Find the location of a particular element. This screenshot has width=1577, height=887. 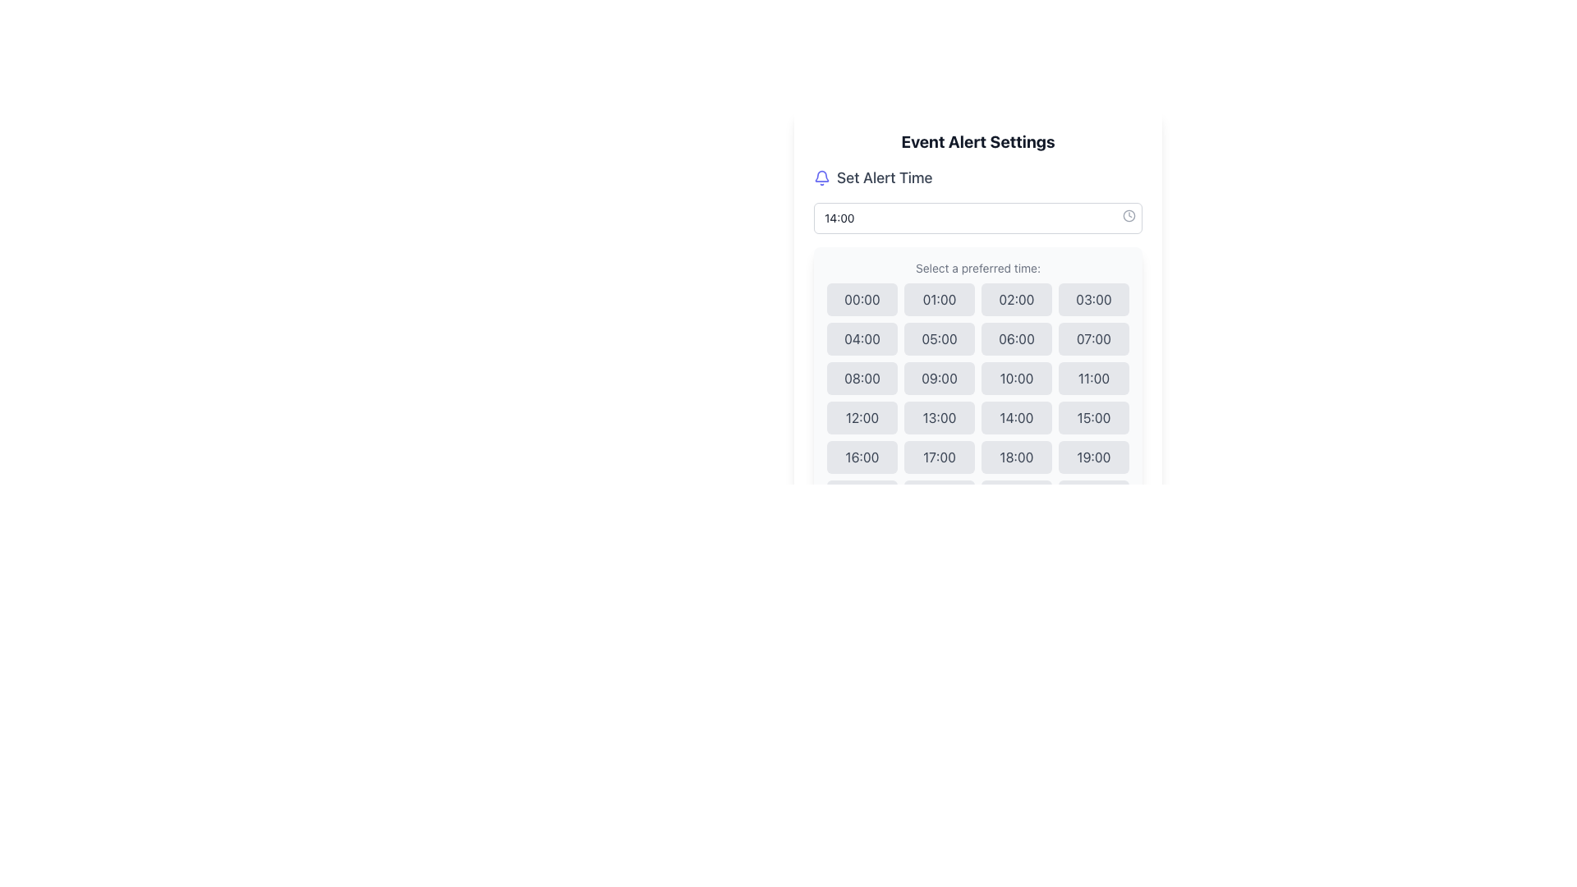

the time selector button in the second row and second column of the time selection grid to set the alert time to '06:00' is located at coordinates (1016, 338).